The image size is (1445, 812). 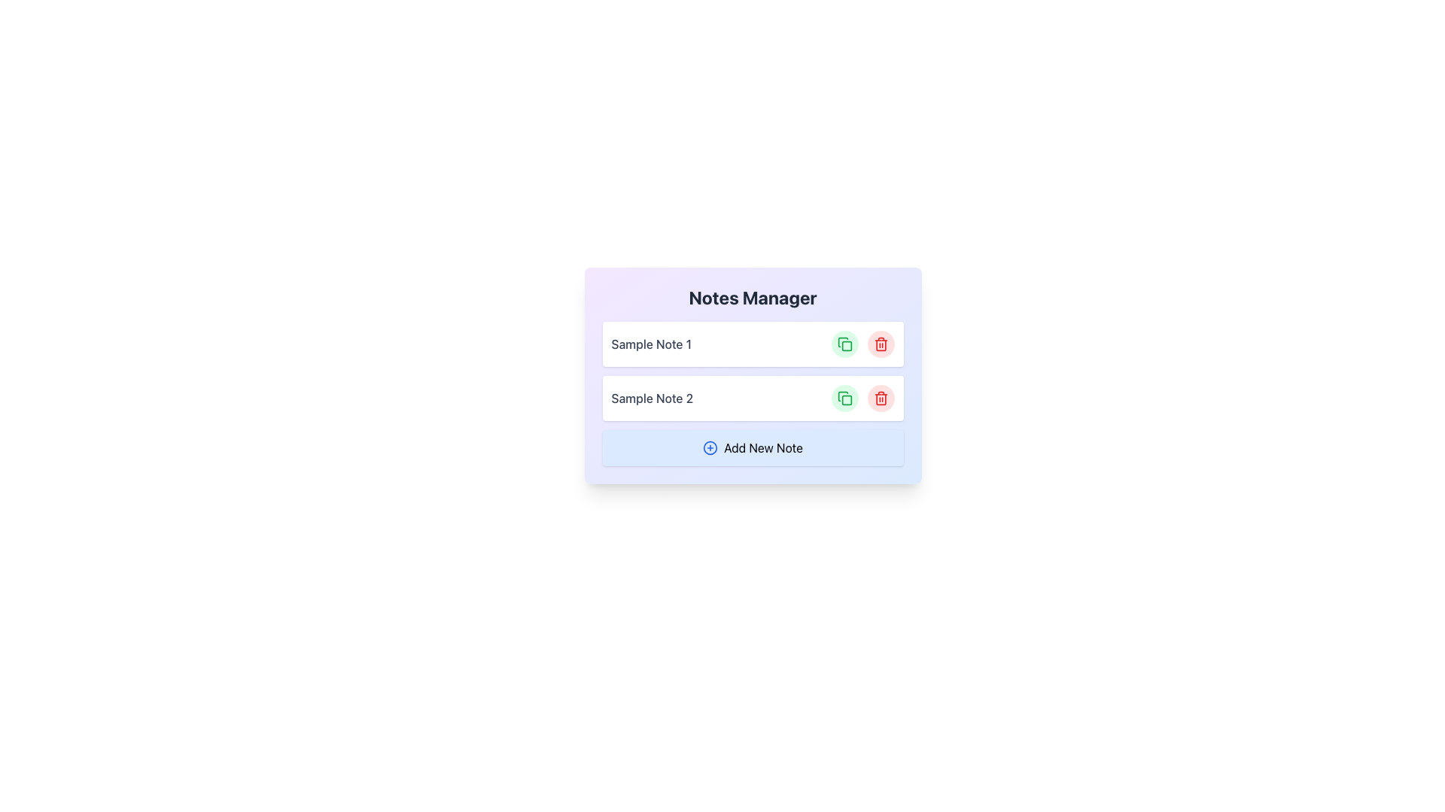 What do you see at coordinates (881, 397) in the screenshot?
I see `the delete button for 'Sample Note 2'` at bounding box center [881, 397].